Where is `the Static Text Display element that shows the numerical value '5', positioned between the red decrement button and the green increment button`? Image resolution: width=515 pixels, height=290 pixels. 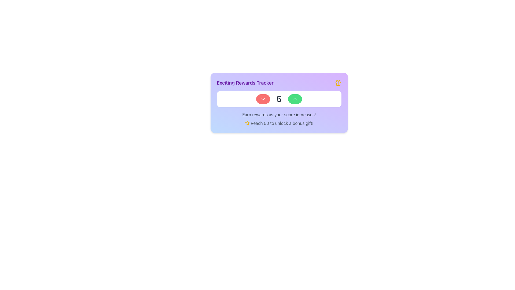 the Static Text Display element that shows the numerical value '5', positioned between the red decrement button and the green increment button is located at coordinates (279, 99).